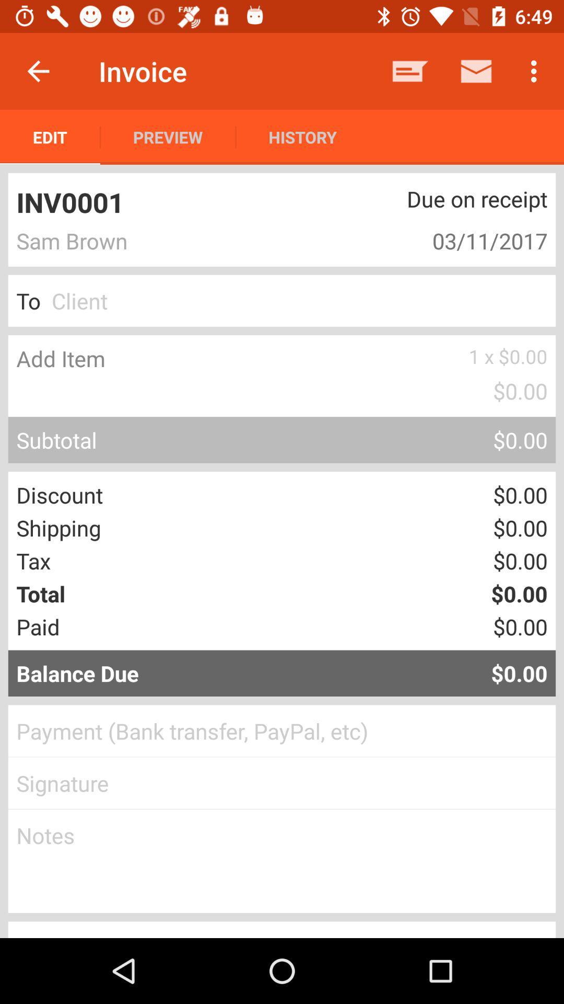  I want to click on the app next to the preview app, so click(50, 136).